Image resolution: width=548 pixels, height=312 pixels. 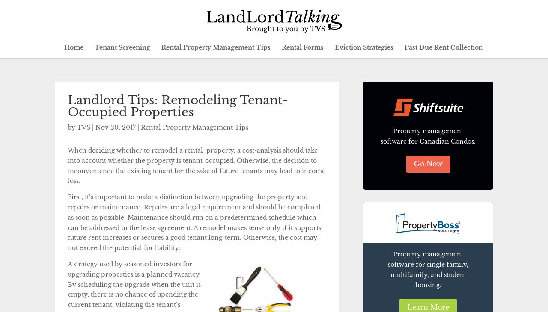 What do you see at coordinates (302, 47) in the screenshot?
I see `'Rental Forms'` at bounding box center [302, 47].